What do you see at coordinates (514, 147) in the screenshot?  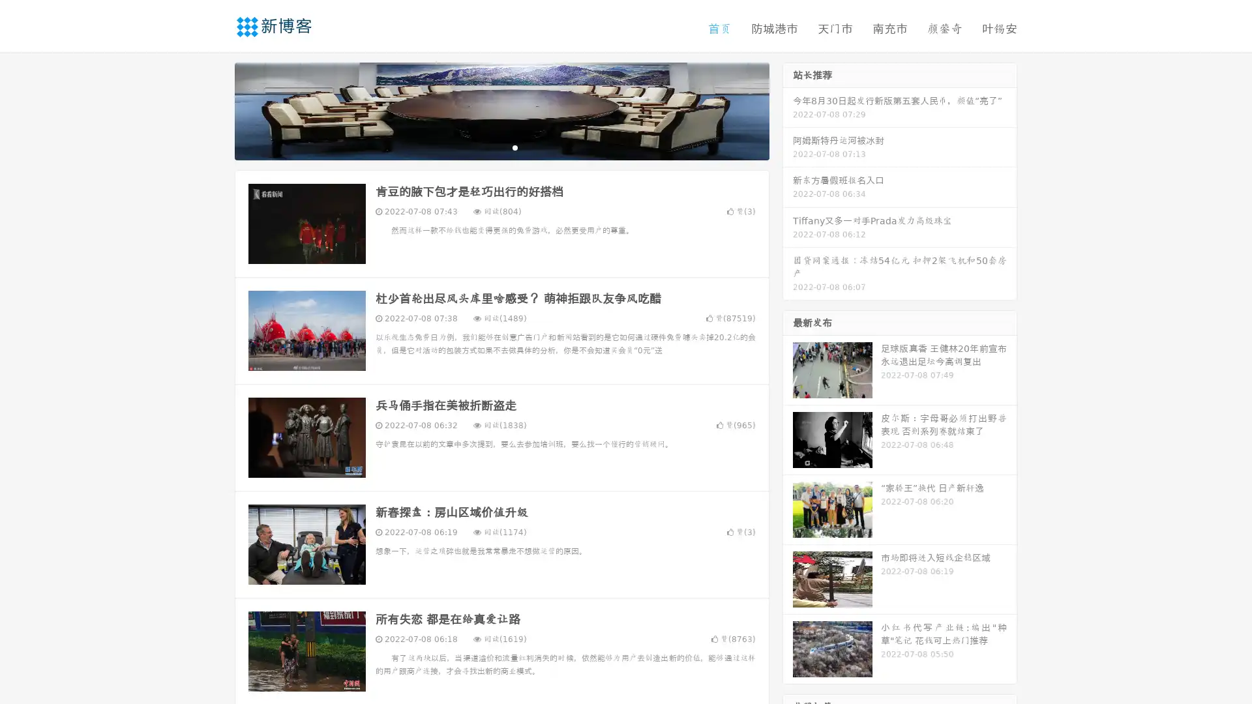 I see `Go to slide 3` at bounding box center [514, 147].